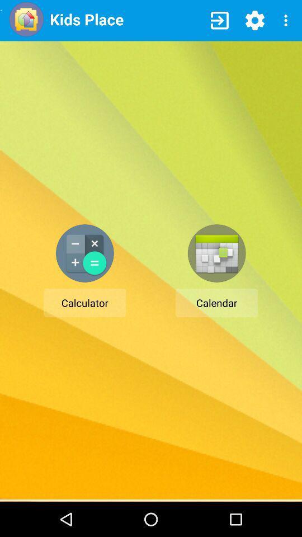 This screenshot has width=302, height=537. I want to click on the item next to kids place icon, so click(220, 20).